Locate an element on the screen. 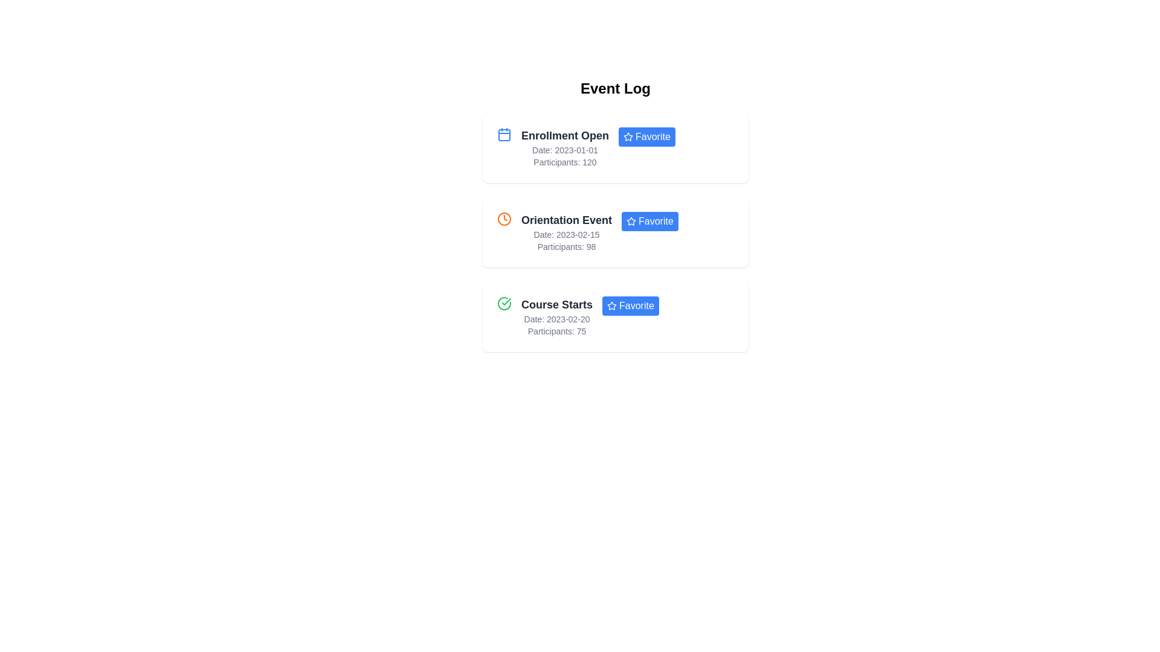 The height and width of the screenshot is (652, 1160). the favorite button located in the top card of the 'Enrollment Open' section is located at coordinates (646, 136).